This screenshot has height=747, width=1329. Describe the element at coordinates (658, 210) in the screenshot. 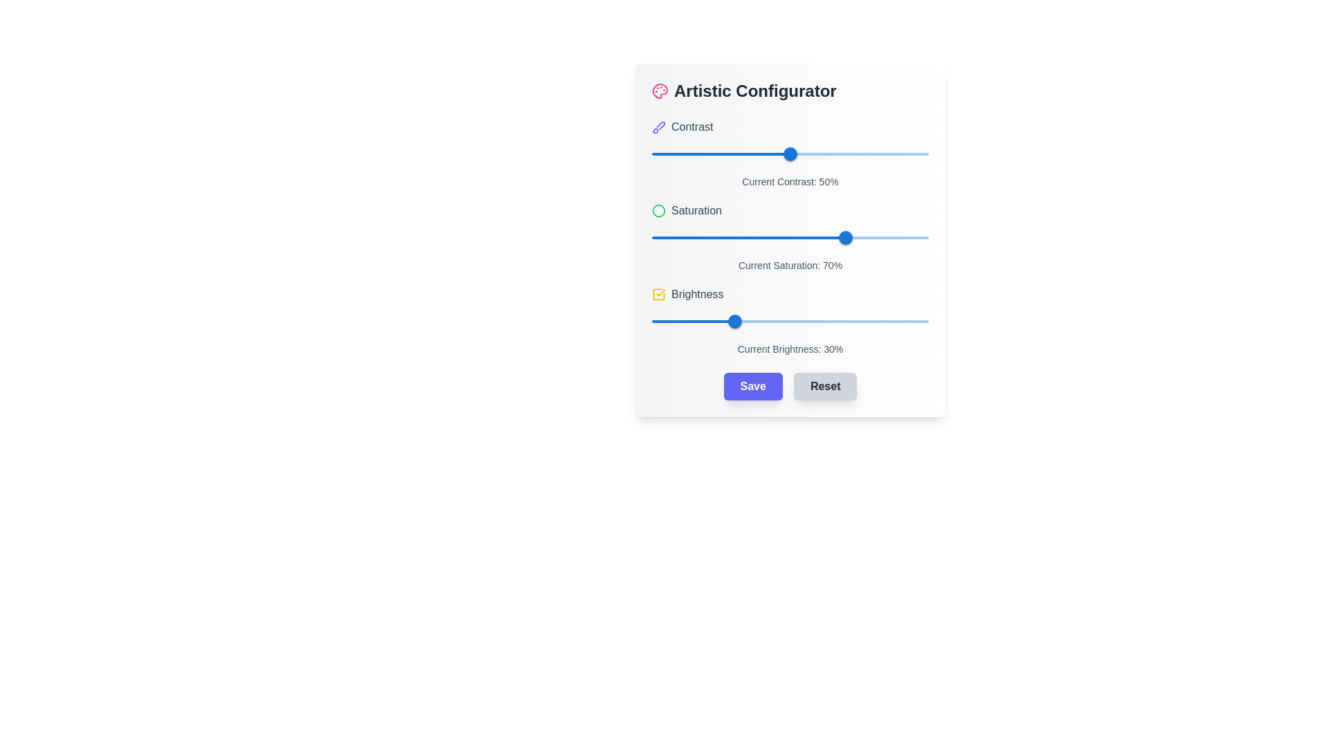

I see `the green circular outline SVG graphic element located next to the text 'Saturation'` at that location.